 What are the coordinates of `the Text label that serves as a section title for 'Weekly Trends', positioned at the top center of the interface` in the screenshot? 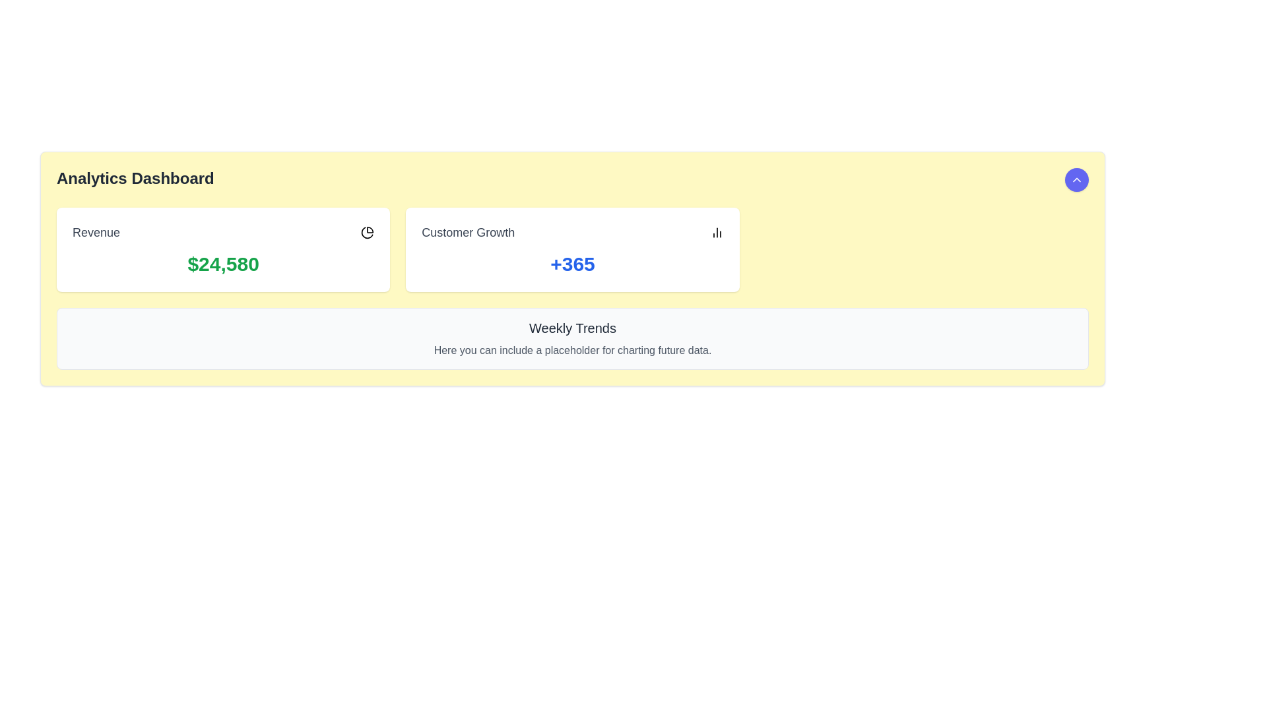 It's located at (573, 327).